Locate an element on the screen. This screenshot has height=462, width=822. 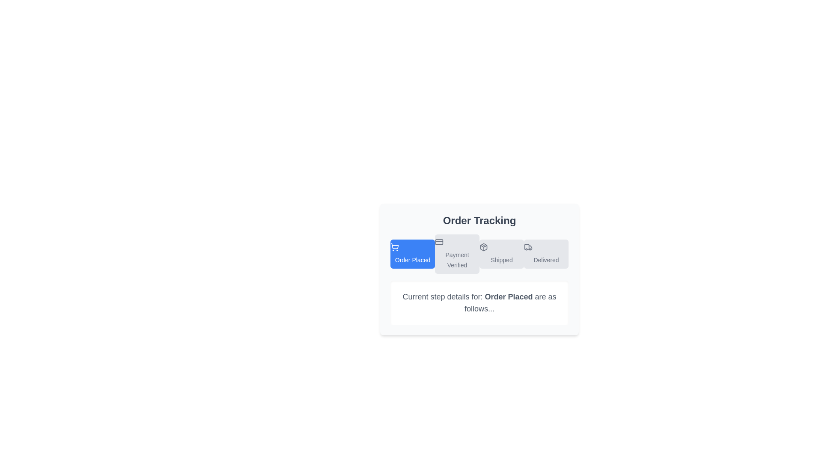
the Text Label that confirms payment verification in the order tracking interface, located beneath the credit card icon in the status card is located at coordinates (457, 260).